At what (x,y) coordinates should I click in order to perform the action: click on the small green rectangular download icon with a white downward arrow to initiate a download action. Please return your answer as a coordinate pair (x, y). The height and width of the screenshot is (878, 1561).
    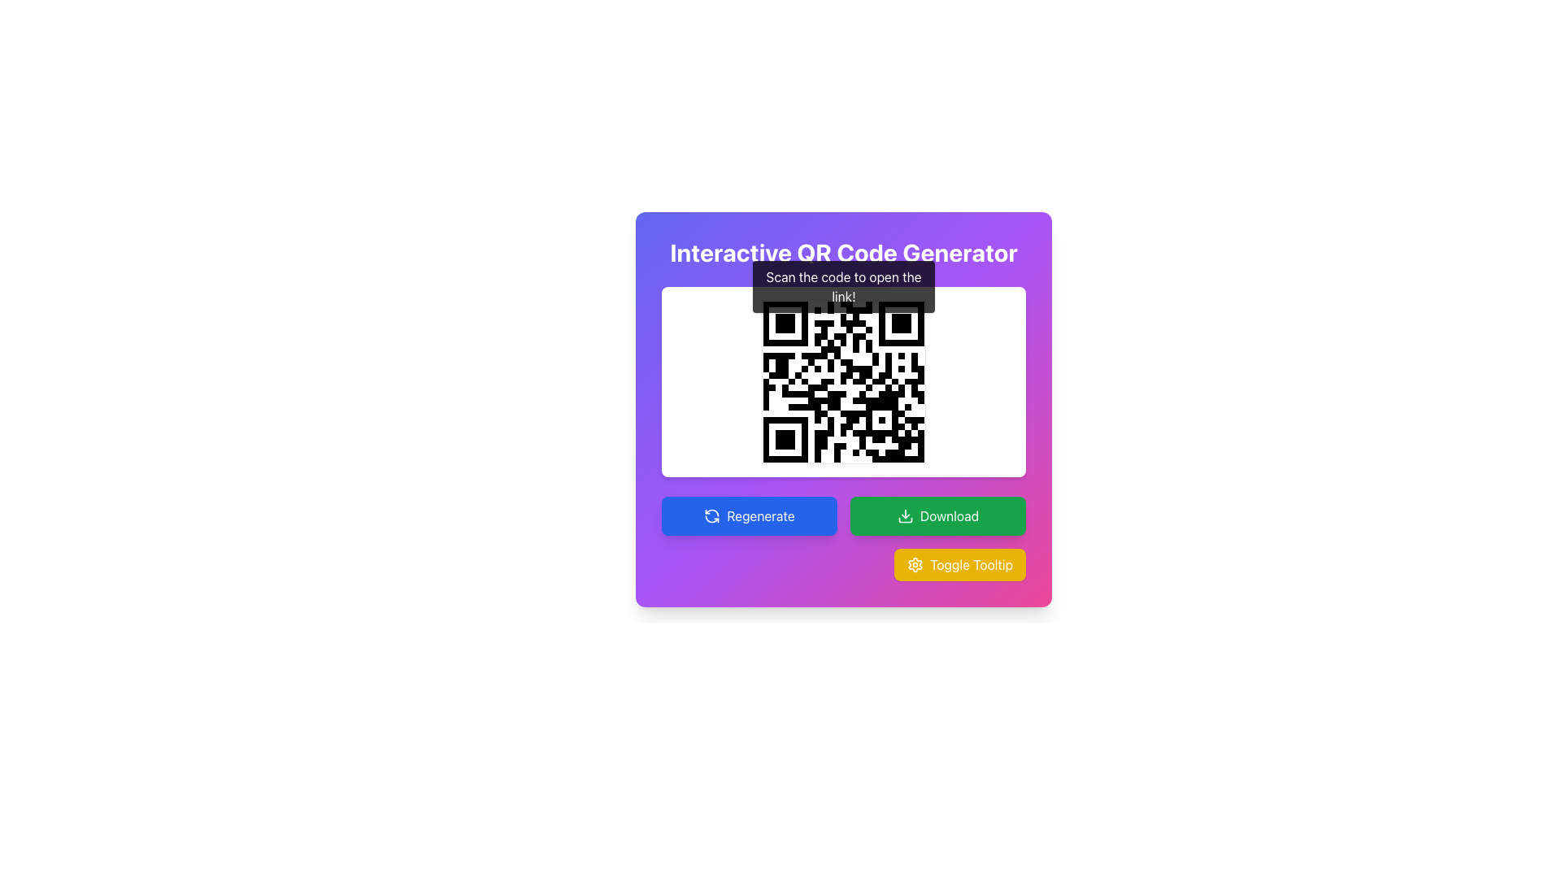
    Looking at the image, I should click on (904, 516).